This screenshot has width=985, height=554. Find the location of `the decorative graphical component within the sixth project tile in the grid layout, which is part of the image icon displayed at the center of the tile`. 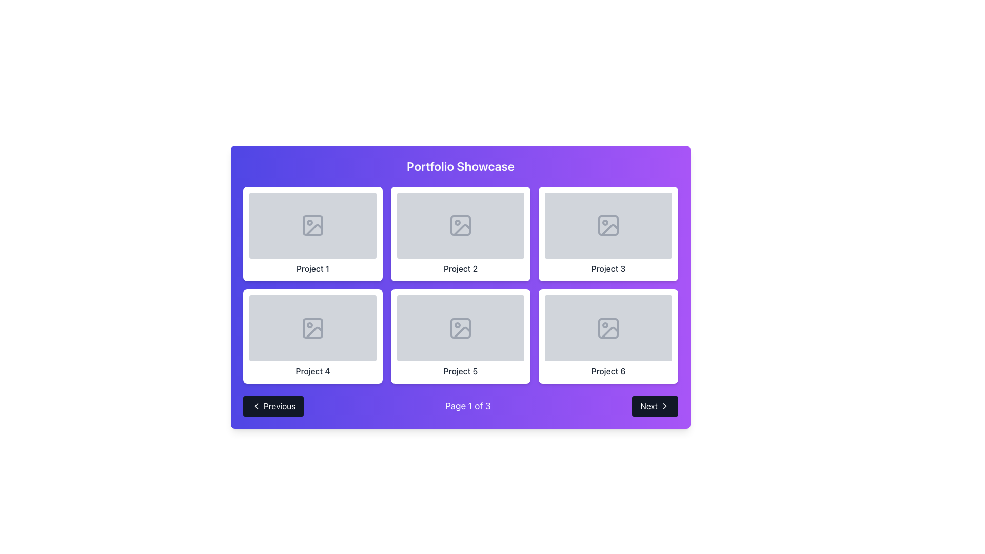

the decorative graphical component within the sixth project tile in the grid layout, which is part of the image icon displayed at the center of the tile is located at coordinates (608, 328).